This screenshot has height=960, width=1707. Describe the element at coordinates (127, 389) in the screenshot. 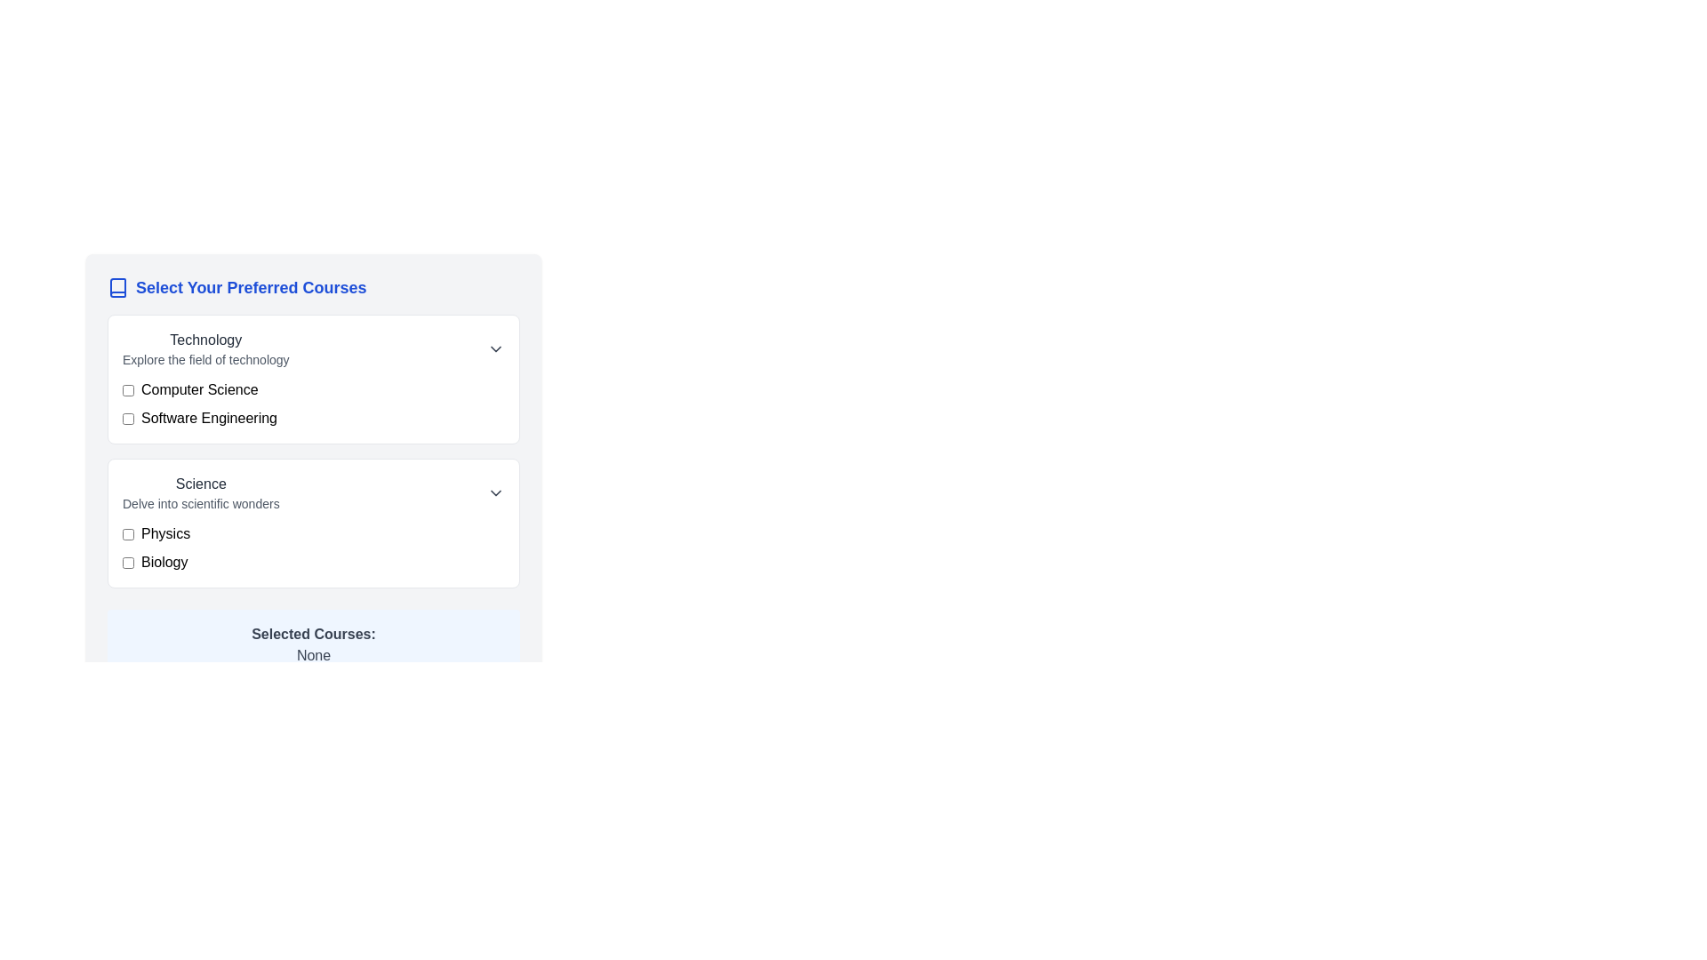

I see `the 'Computer Science' checkbox located under the 'Technology' category in the 'Select Your Preferred Courses' section to trigger hover effects` at that location.